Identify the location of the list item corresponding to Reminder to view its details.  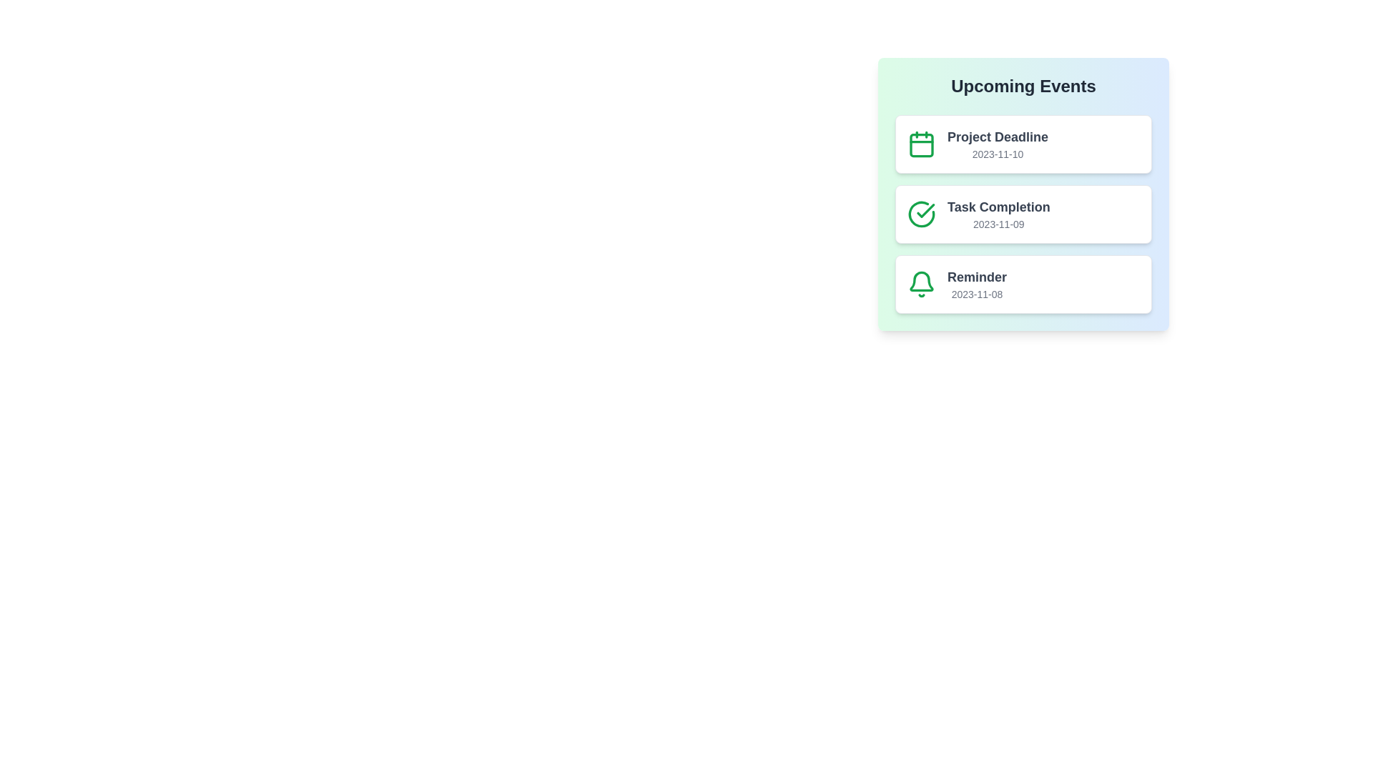
(1023, 284).